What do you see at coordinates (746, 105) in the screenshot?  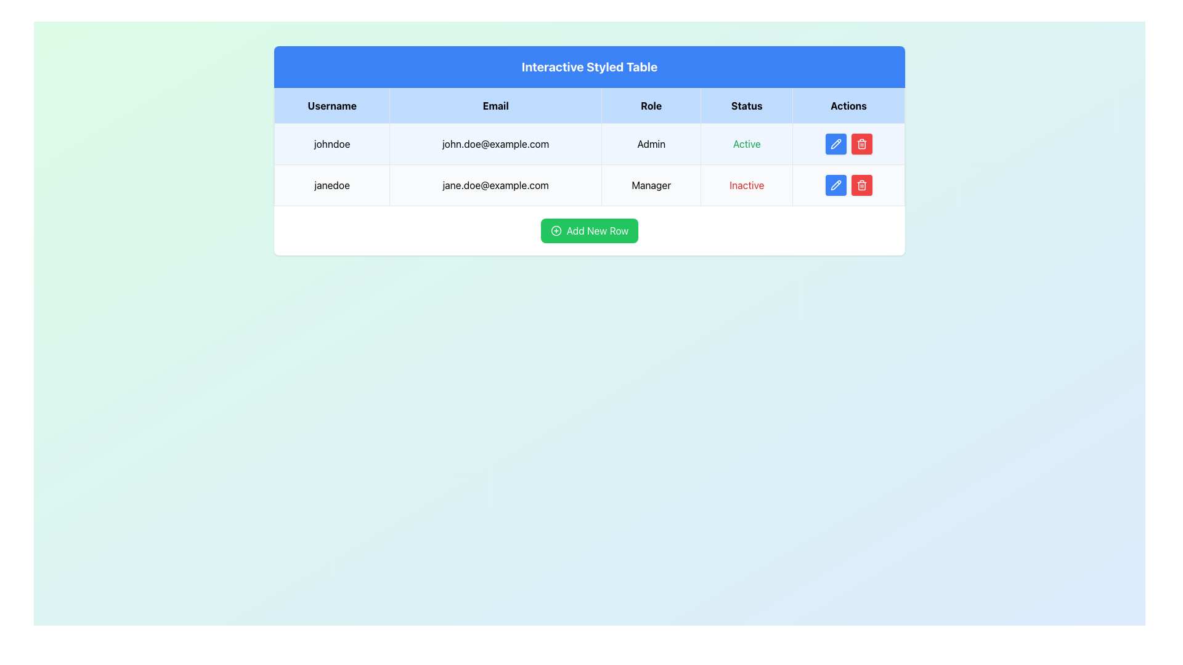 I see `the 'Status' header label in the table, which is the fourth header from the left, categorizing the rows of data below it` at bounding box center [746, 105].